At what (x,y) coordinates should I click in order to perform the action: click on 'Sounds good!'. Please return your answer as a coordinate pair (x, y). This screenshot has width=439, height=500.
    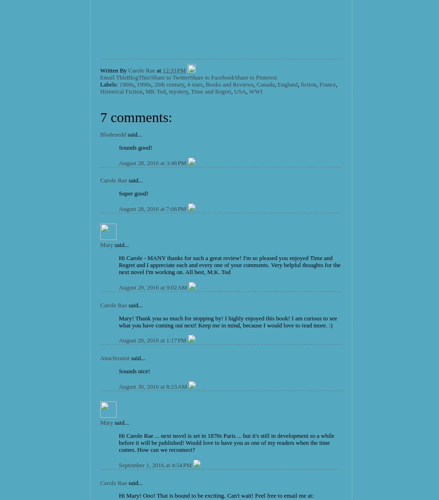
    Looking at the image, I should click on (135, 147).